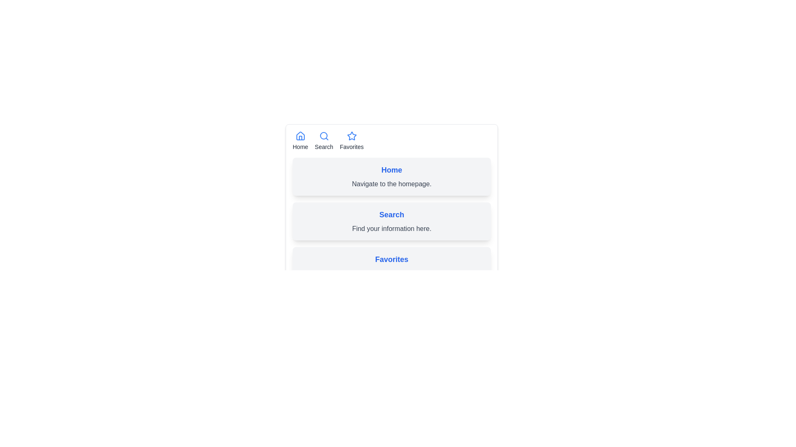 This screenshot has height=447, width=796. What do you see at coordinates (391, 192) in the screenshot?
I see `the navigation card that redirects to the site's homepage, located at the top of the vertically stacked group of three cards` at bounding box center [391, 192].